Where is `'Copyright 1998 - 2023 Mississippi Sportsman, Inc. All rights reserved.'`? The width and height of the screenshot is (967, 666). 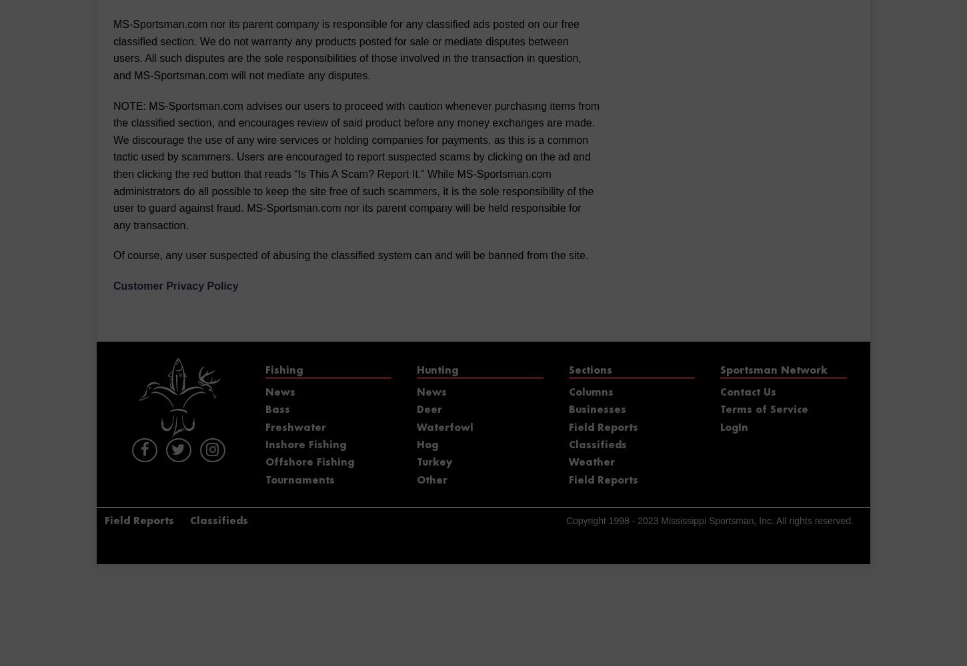 'Copyright 1998 - 2023 Mississippi Sportsman, Inc. All rights reserved.' is located at coordinates (710, 521).